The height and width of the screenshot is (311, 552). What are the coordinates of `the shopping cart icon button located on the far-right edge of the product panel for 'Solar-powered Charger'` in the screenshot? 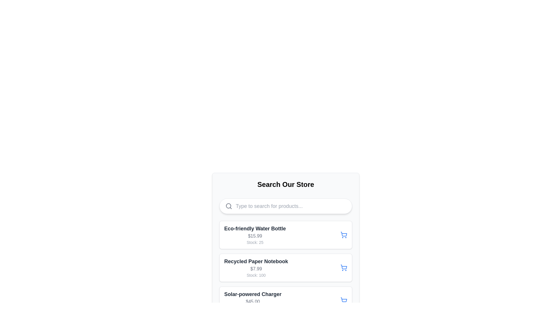 It's located at (344, 300).